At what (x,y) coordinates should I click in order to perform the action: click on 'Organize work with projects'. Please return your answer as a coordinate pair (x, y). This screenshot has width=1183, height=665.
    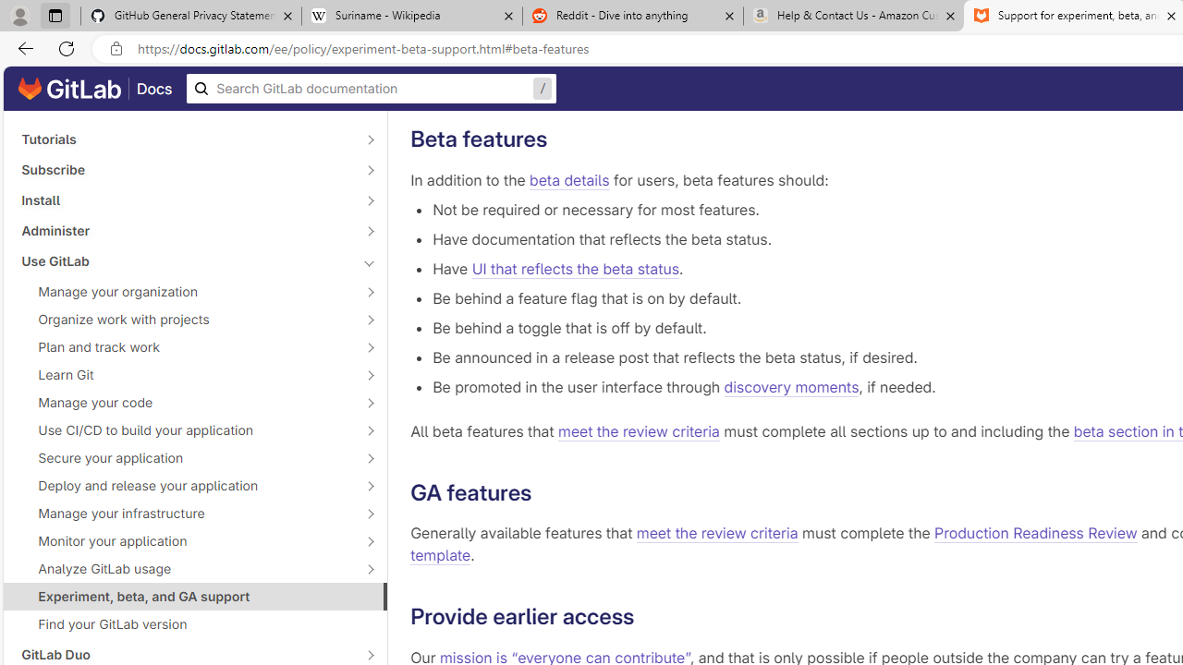
    Looking at the image, I should click on (185, 318).